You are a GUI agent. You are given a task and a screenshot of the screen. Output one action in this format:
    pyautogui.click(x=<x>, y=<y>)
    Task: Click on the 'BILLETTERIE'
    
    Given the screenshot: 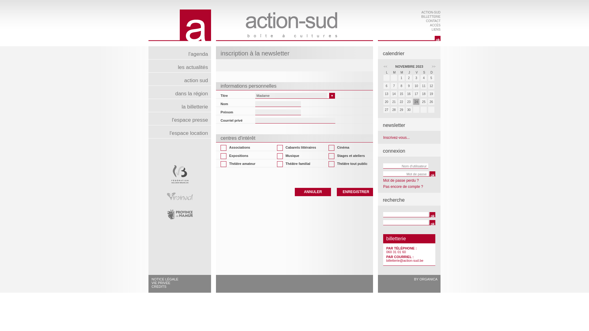 What is the action you would take?
    pyautogui.click(x=430, y=16)
    